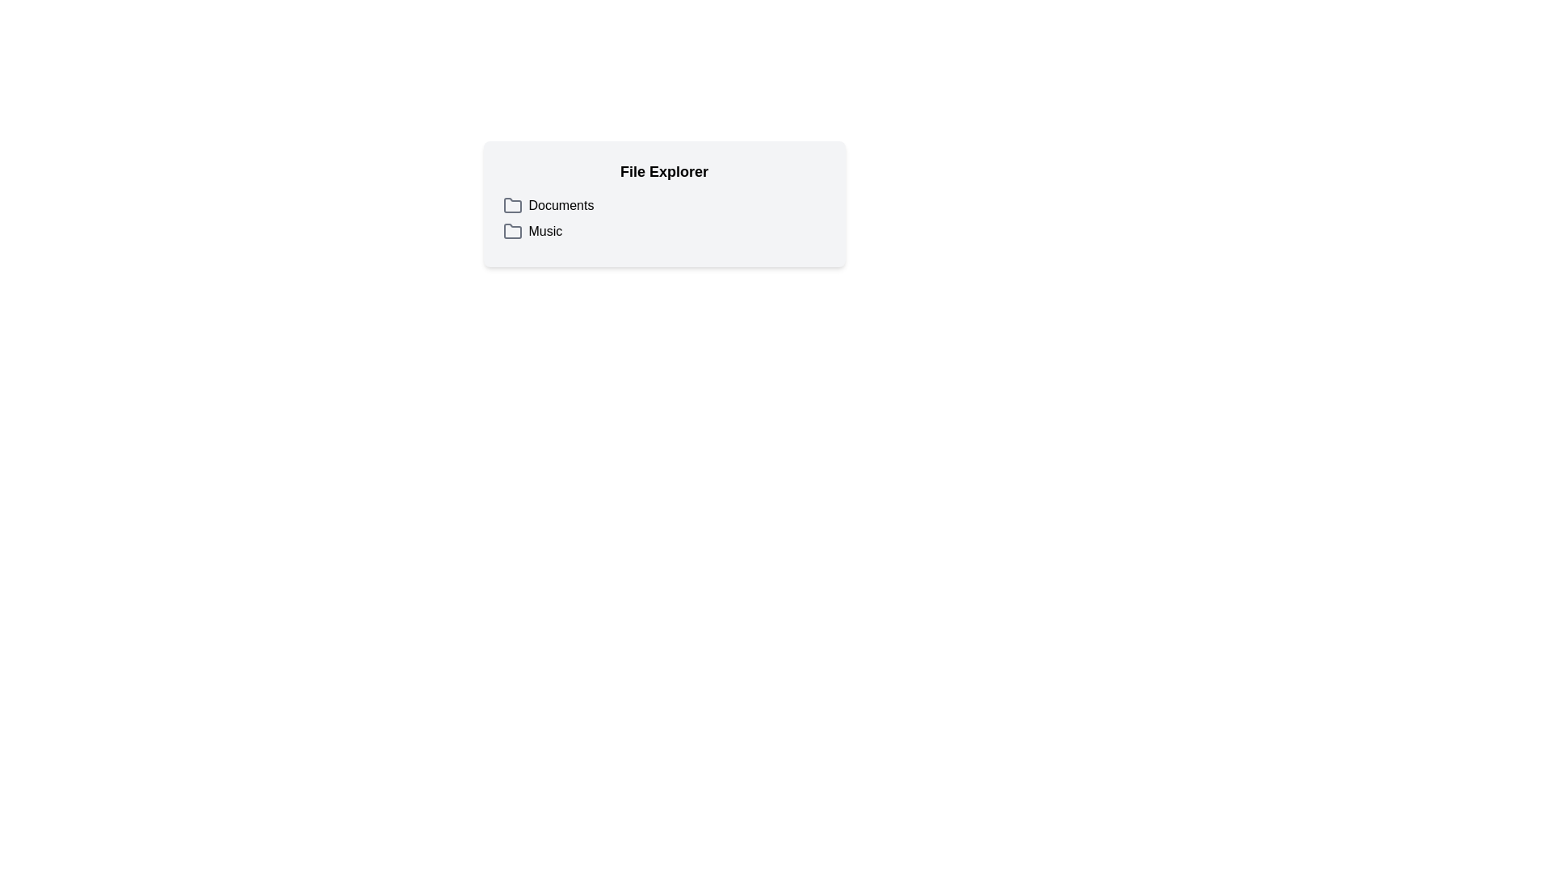 The width and height of the screenshot is (1551, 872). I want to click on the text label reading 'Documents', so click(561, 204).